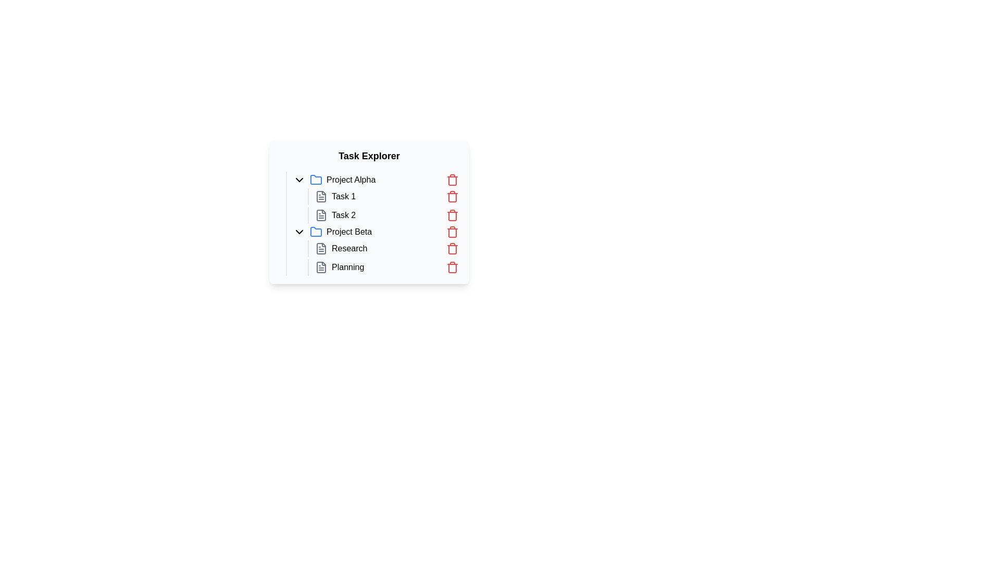  Describe the element at coordinates (373, 249) in the screenshot. I see `the 'Research' sub-task` at that location.